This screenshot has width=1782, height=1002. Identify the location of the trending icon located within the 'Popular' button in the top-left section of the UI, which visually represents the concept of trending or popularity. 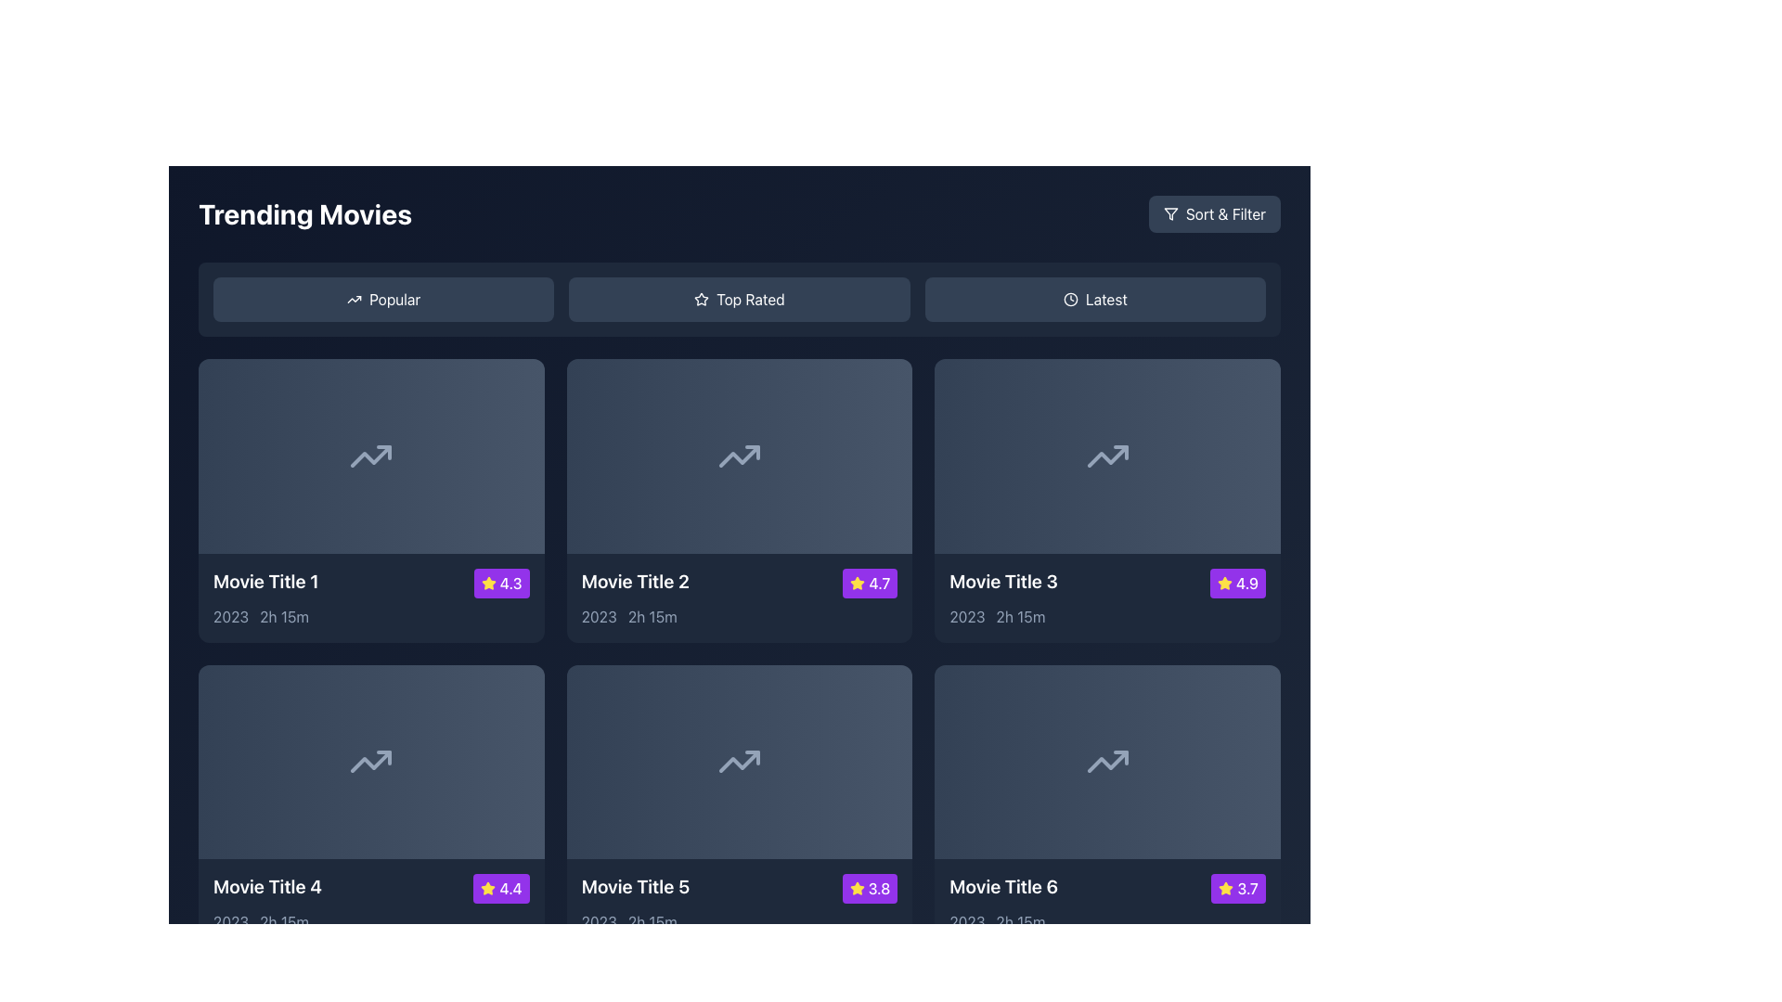
(355, 299).